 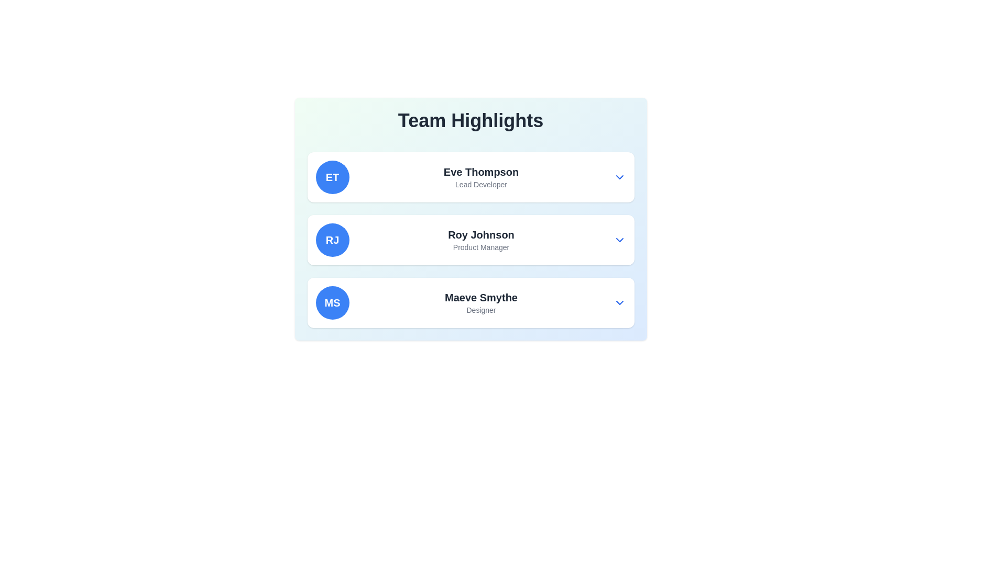 I want to click on the textual label component displaying 'Roy Johnson' and 'Product Manager', which is centrally located within the middle card of a list of similar cards, so click(x=480, y=240).